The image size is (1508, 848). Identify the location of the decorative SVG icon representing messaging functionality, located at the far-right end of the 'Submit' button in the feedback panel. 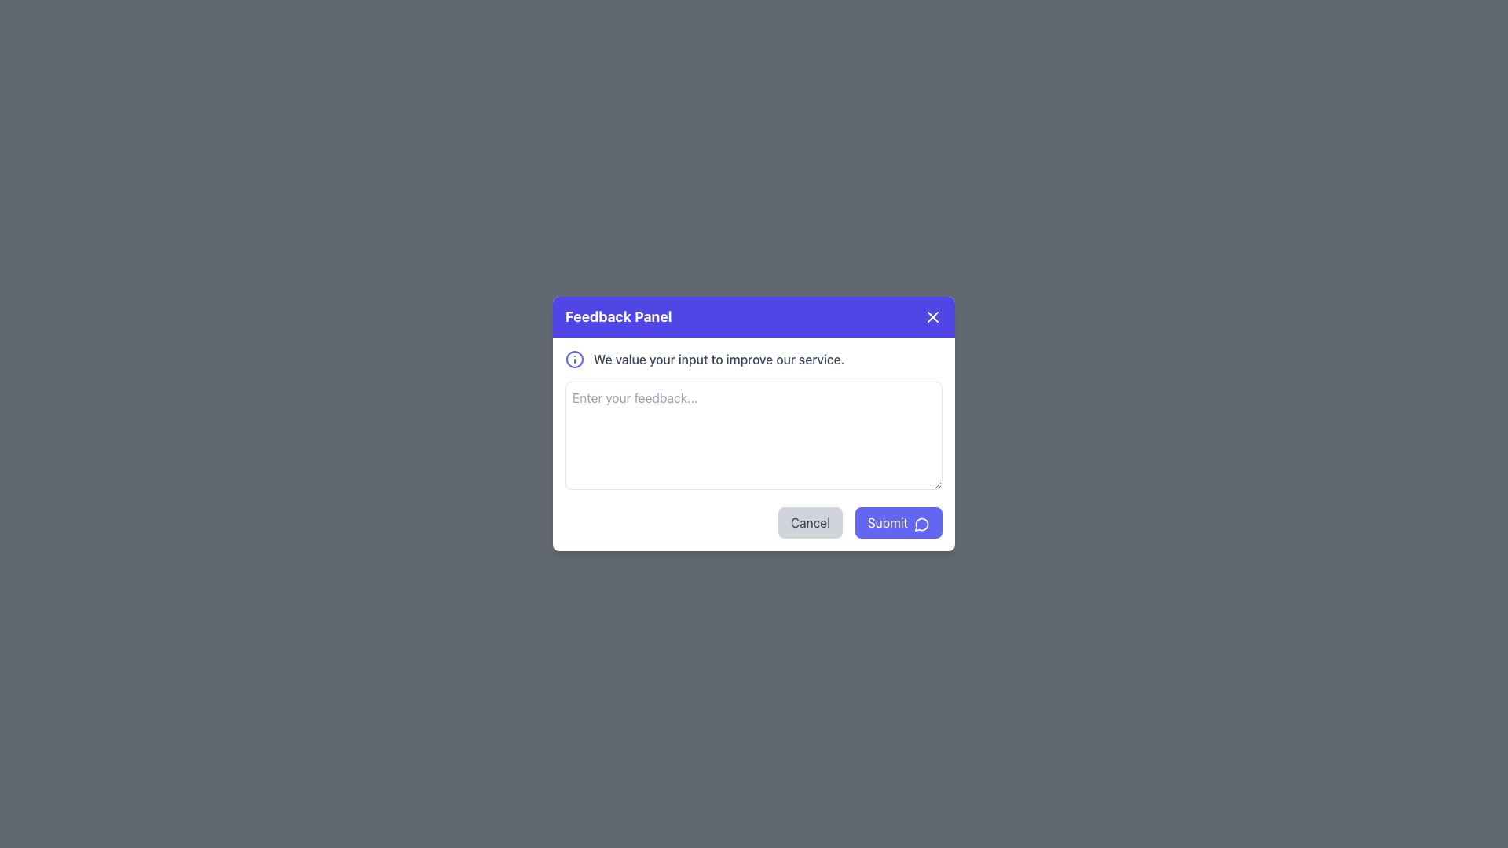
(922, 524).